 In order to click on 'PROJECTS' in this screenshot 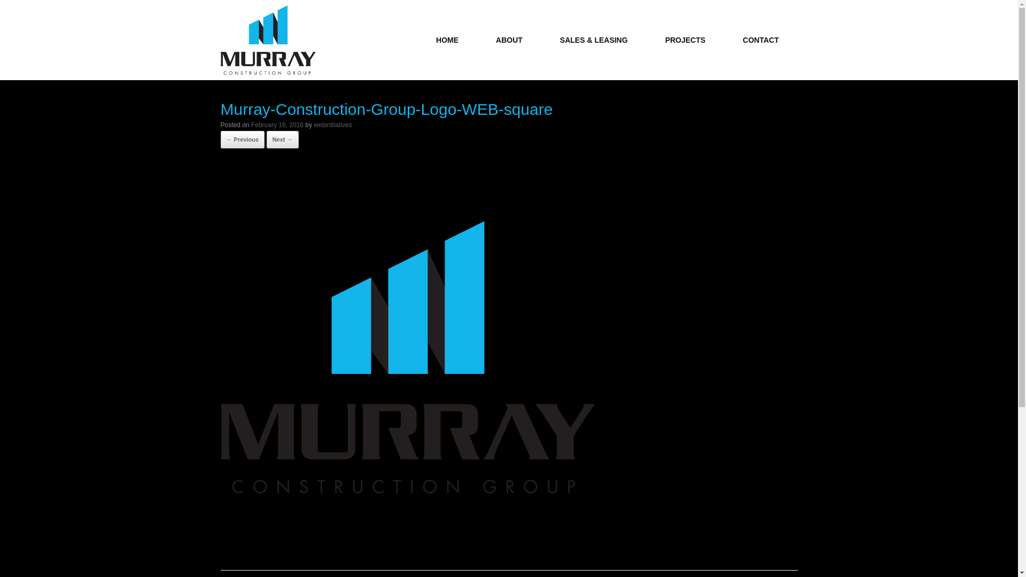, I will do `click(685, 39)`.